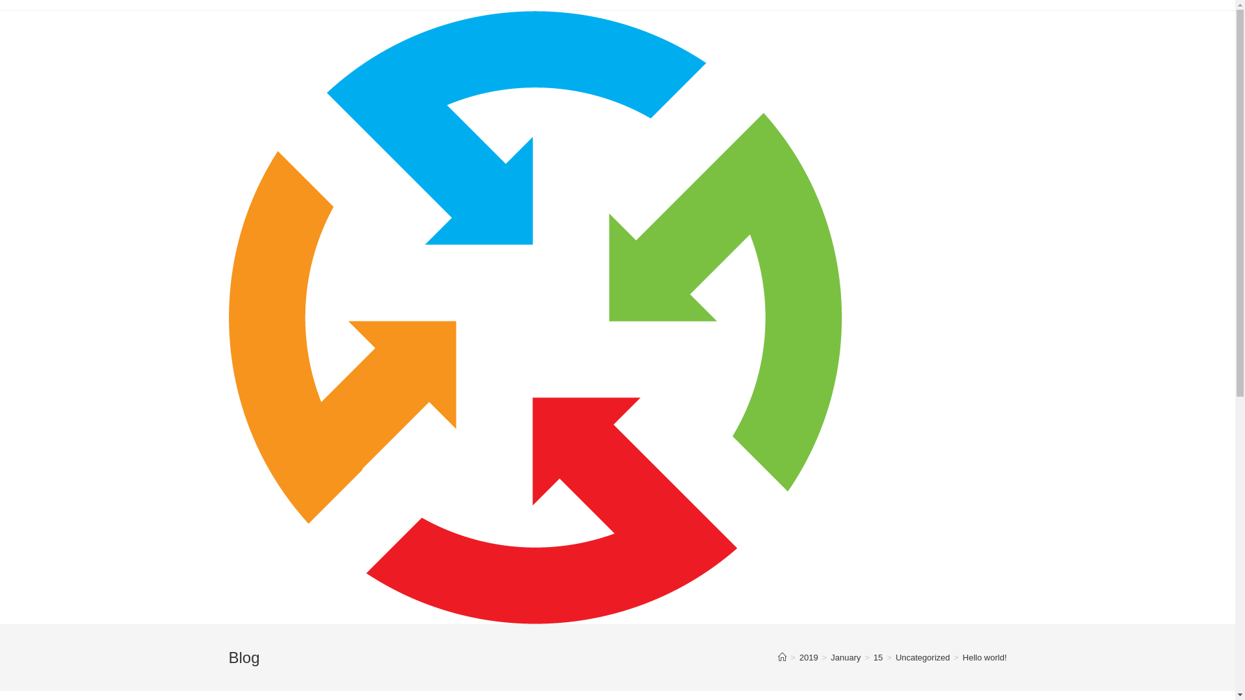 This screenshot has height=700, width=1245. What do you see at coordinates (921, 657) in the screenshot?
I see `'Uncategorized'` at bounding box center [921, 657].